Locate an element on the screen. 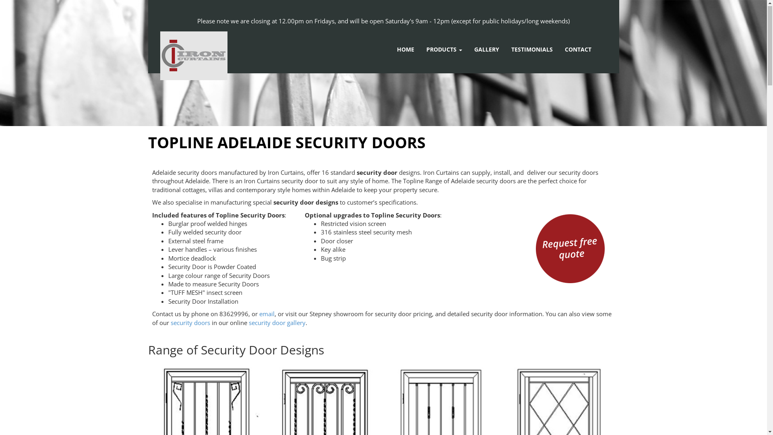 Image resolution: width=773 pixels, height=435 pixels. 'email' is located at coordinates (267, 313).